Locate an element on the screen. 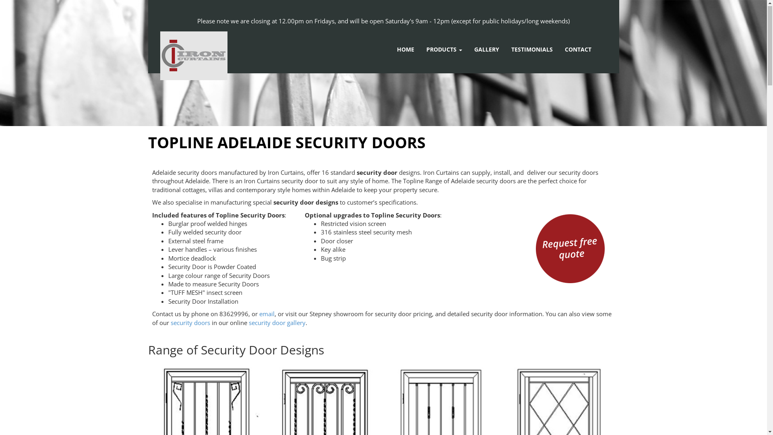 Image resolution: width=773 pixels, height=435 pixels. 'email' is located at coordinates (267, 313).